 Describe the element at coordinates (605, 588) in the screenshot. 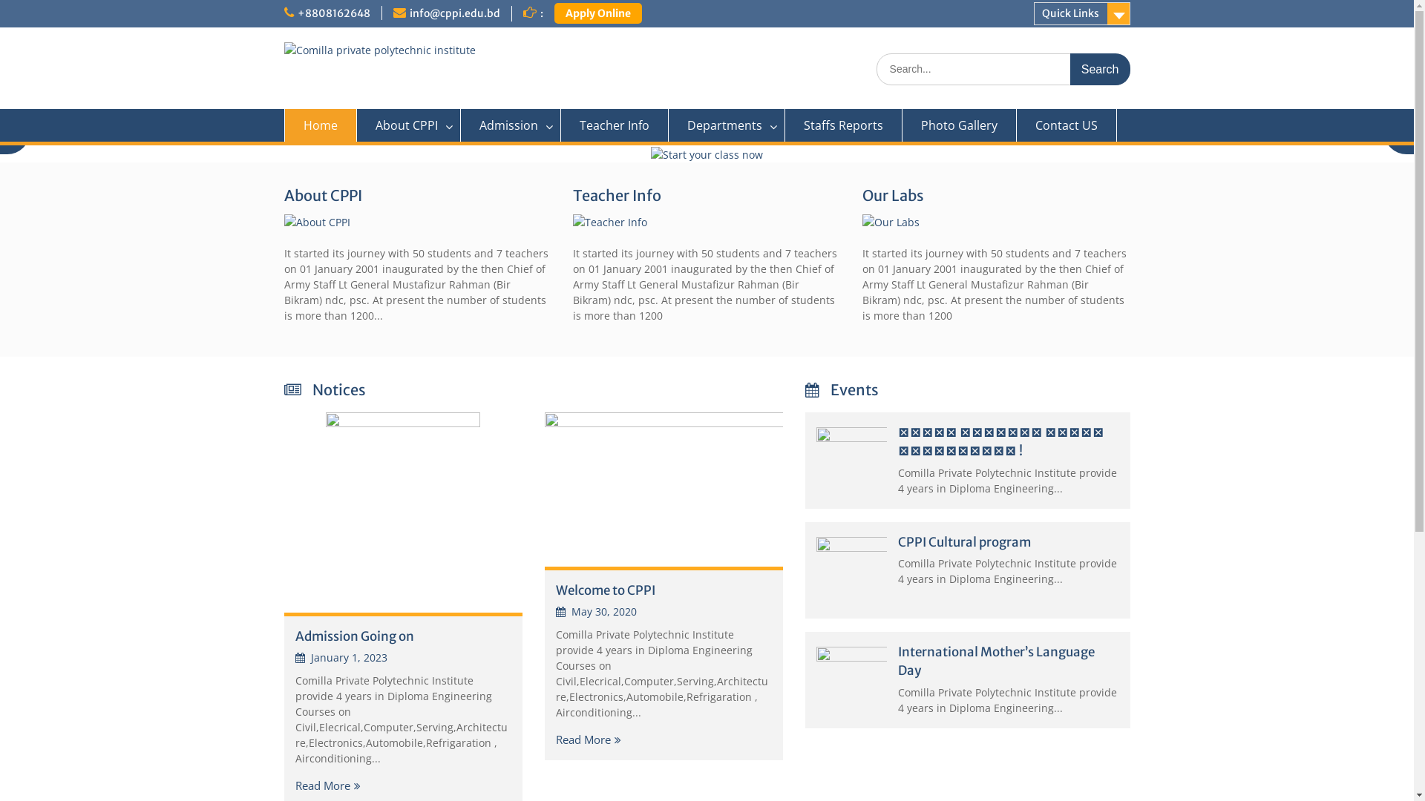

I see `'Welcome to CPPI'` at that location.